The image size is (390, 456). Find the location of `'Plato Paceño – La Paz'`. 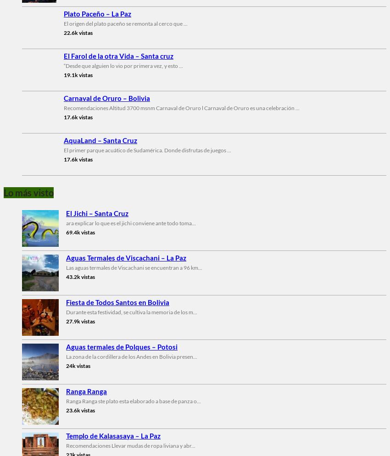

'Plato Paceño – La Paz' is located at coordinates (63, 13).